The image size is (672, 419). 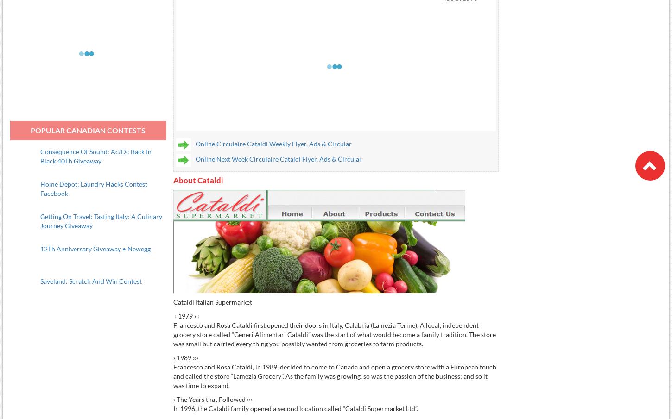 What do you see at coordinates (172, 333) in the screenshot?
I see `'Francesco and Rosa Cataldi first opened their doors in Italy, Calabria (Lamezia Terme). A local, independent grocery store called “Generi Alimentari Cataldi” was the start of what would become a family tradition. The store was small but carried every thing you possibly wanted from groceries to farm products.'` at bounding box center [172, 333].